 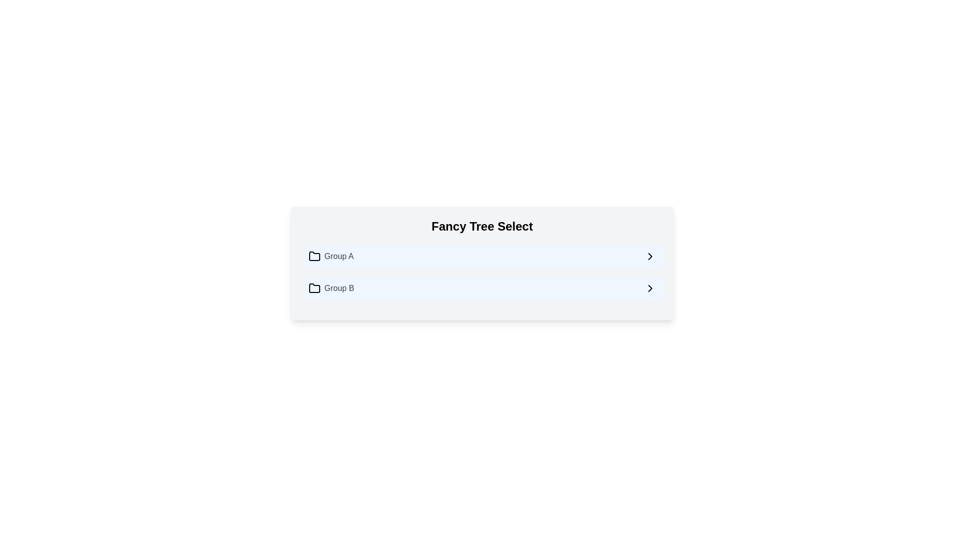 I want to click on text label that reads 'Group B', which is styled in medium-weight gray font and located to the right of a folder icon in a hierarchical tree interface, so click(x=339, y=288).